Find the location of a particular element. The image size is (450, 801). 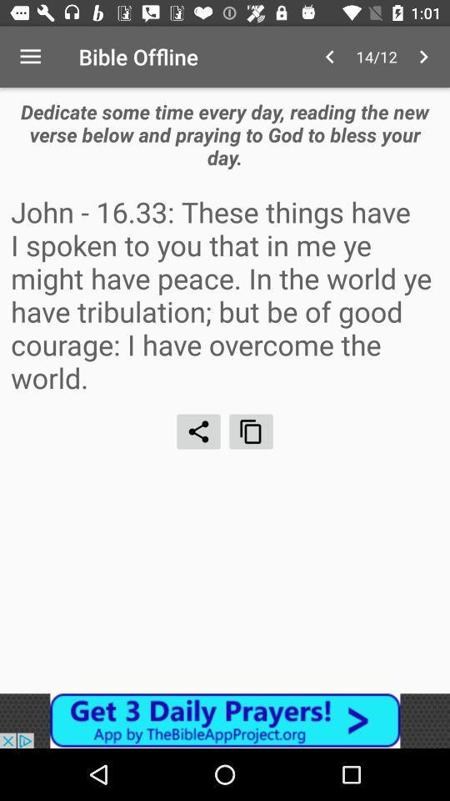

share text is located at coordinates (198, 431).